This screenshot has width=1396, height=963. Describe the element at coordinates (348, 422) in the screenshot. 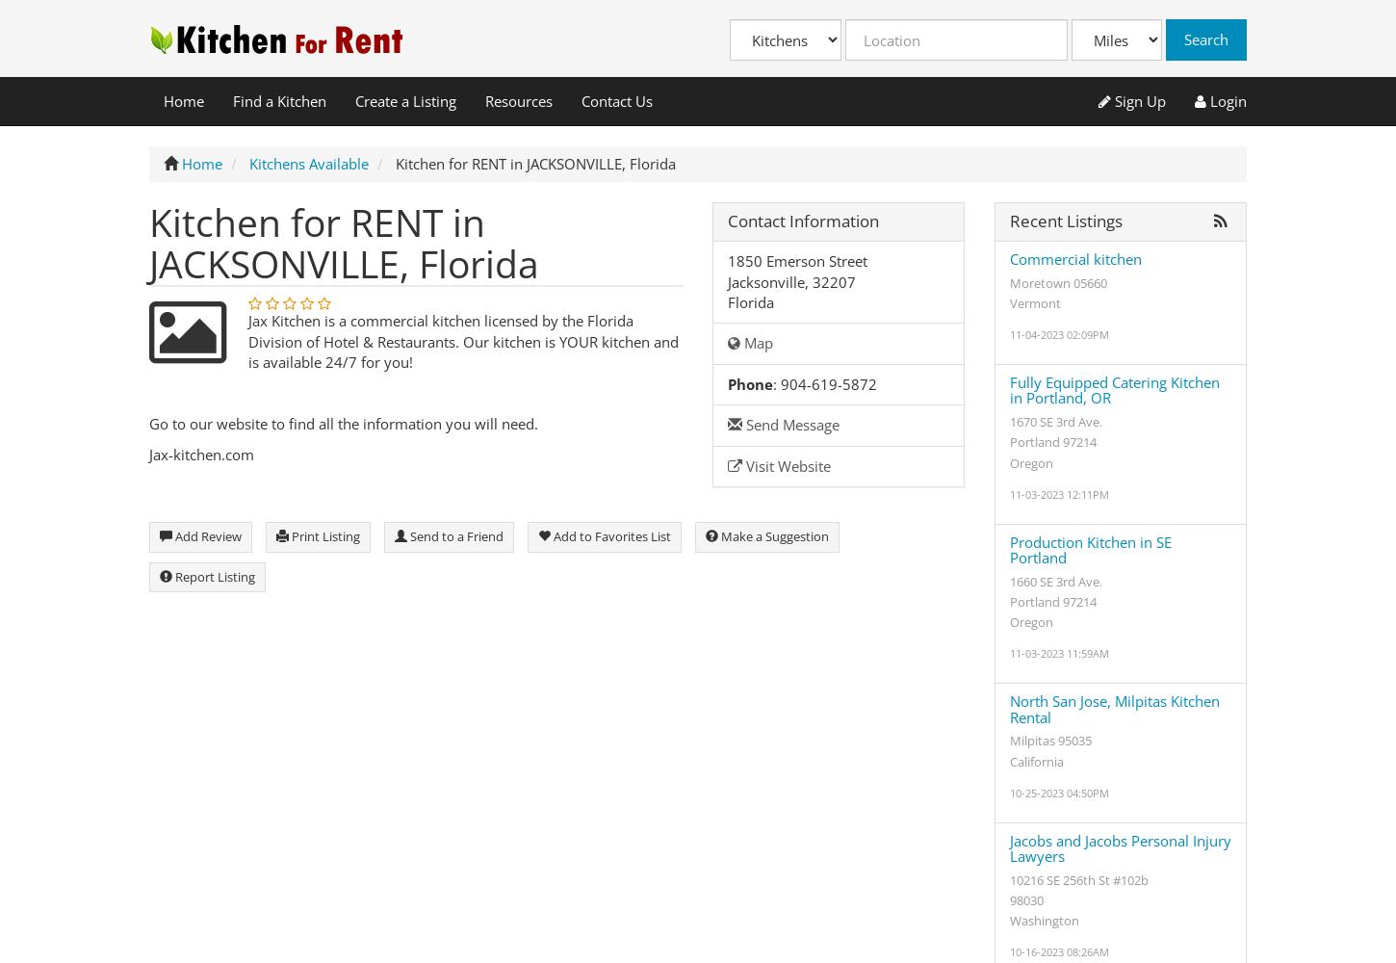

I see `'Go to our website to find all the information you will need.'` at that location.